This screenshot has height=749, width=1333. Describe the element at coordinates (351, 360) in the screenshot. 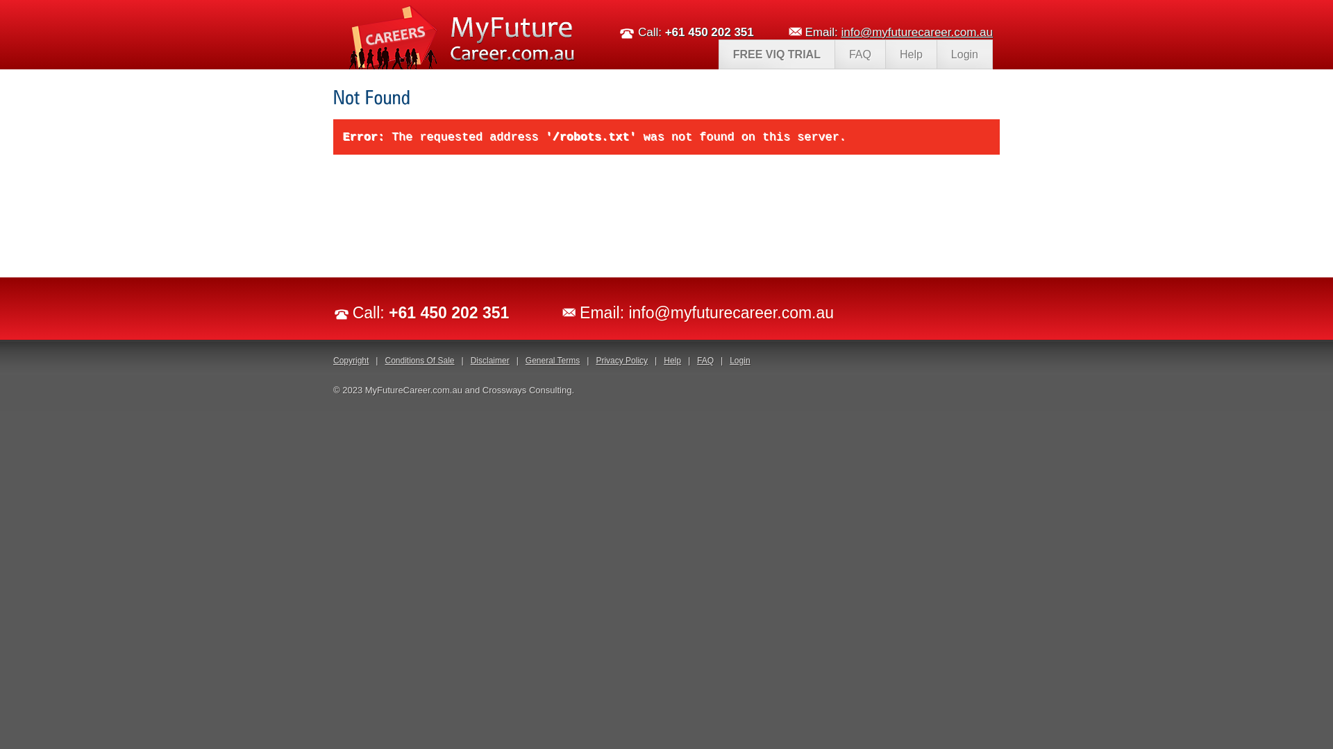

I see `'Copyright'` at that location.